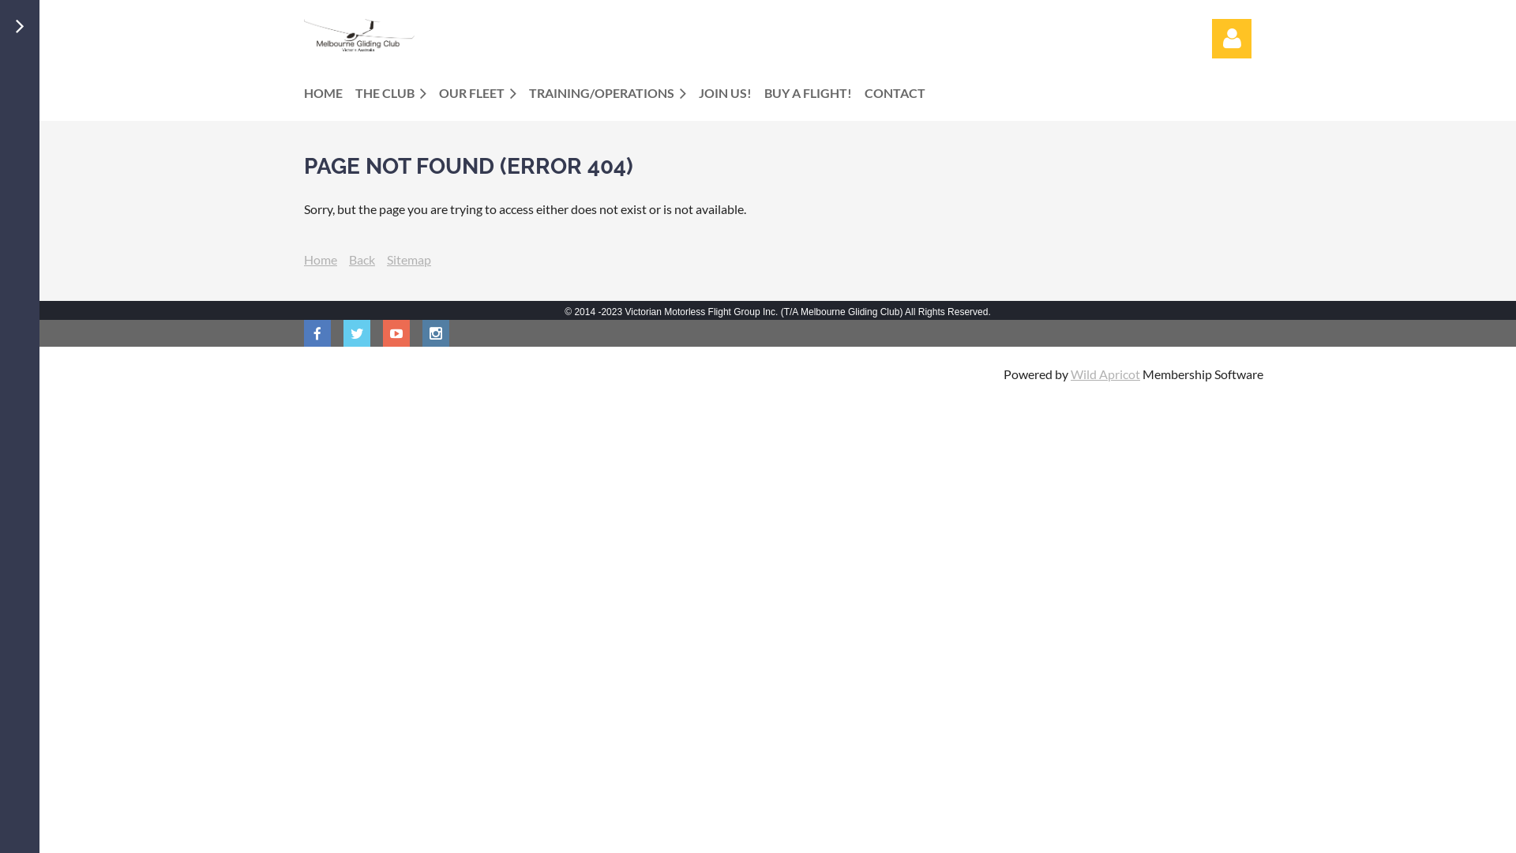  I want to click on 'Back', so click(347, 258).